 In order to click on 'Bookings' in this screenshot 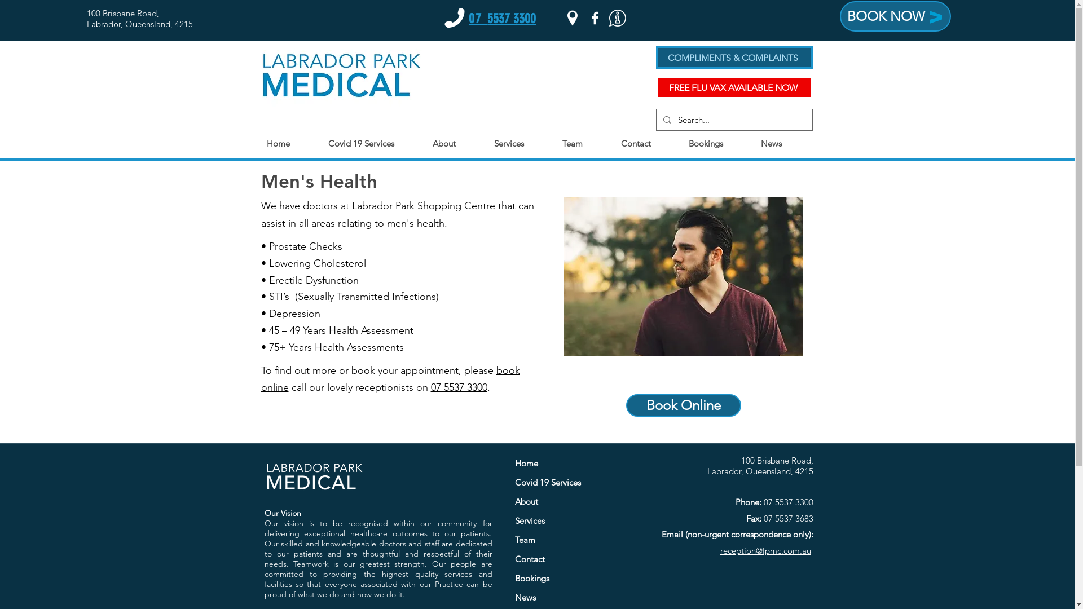, I will do `click(570, 579)`.